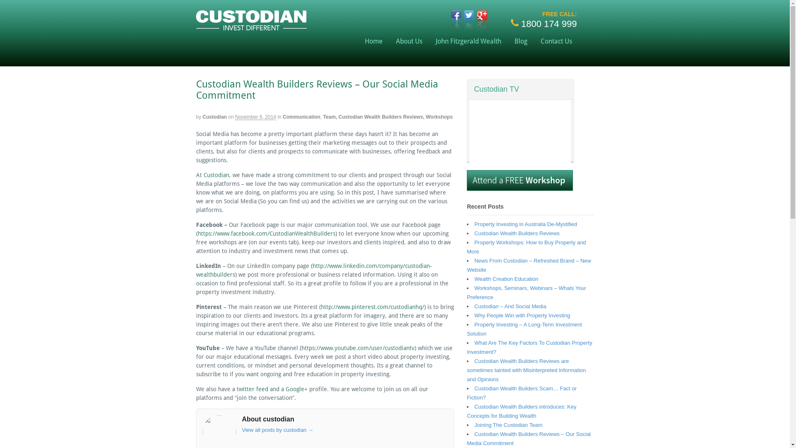 The image size is (796, 448). Describe the element at coordinates (468, 41) in the screenshot. I see `'John Fitzgerald Wealth'` at that location.